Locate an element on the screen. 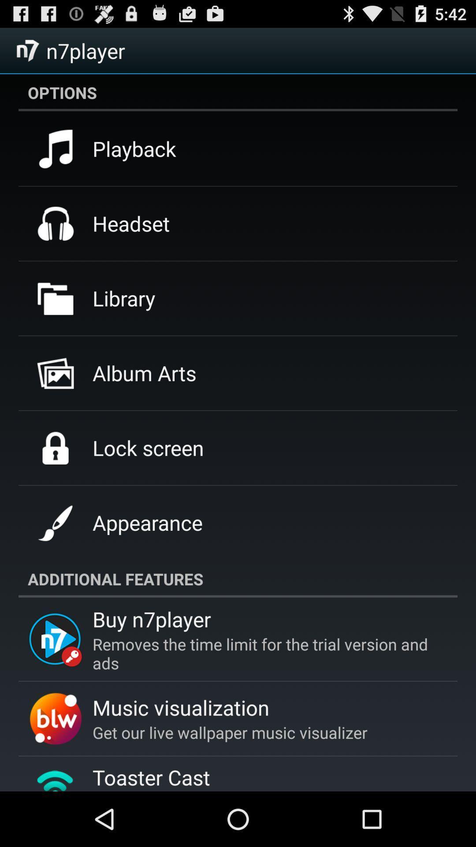 This screenshot has width=476, height=847. icon above library icon is located at coordinates (131, 223).